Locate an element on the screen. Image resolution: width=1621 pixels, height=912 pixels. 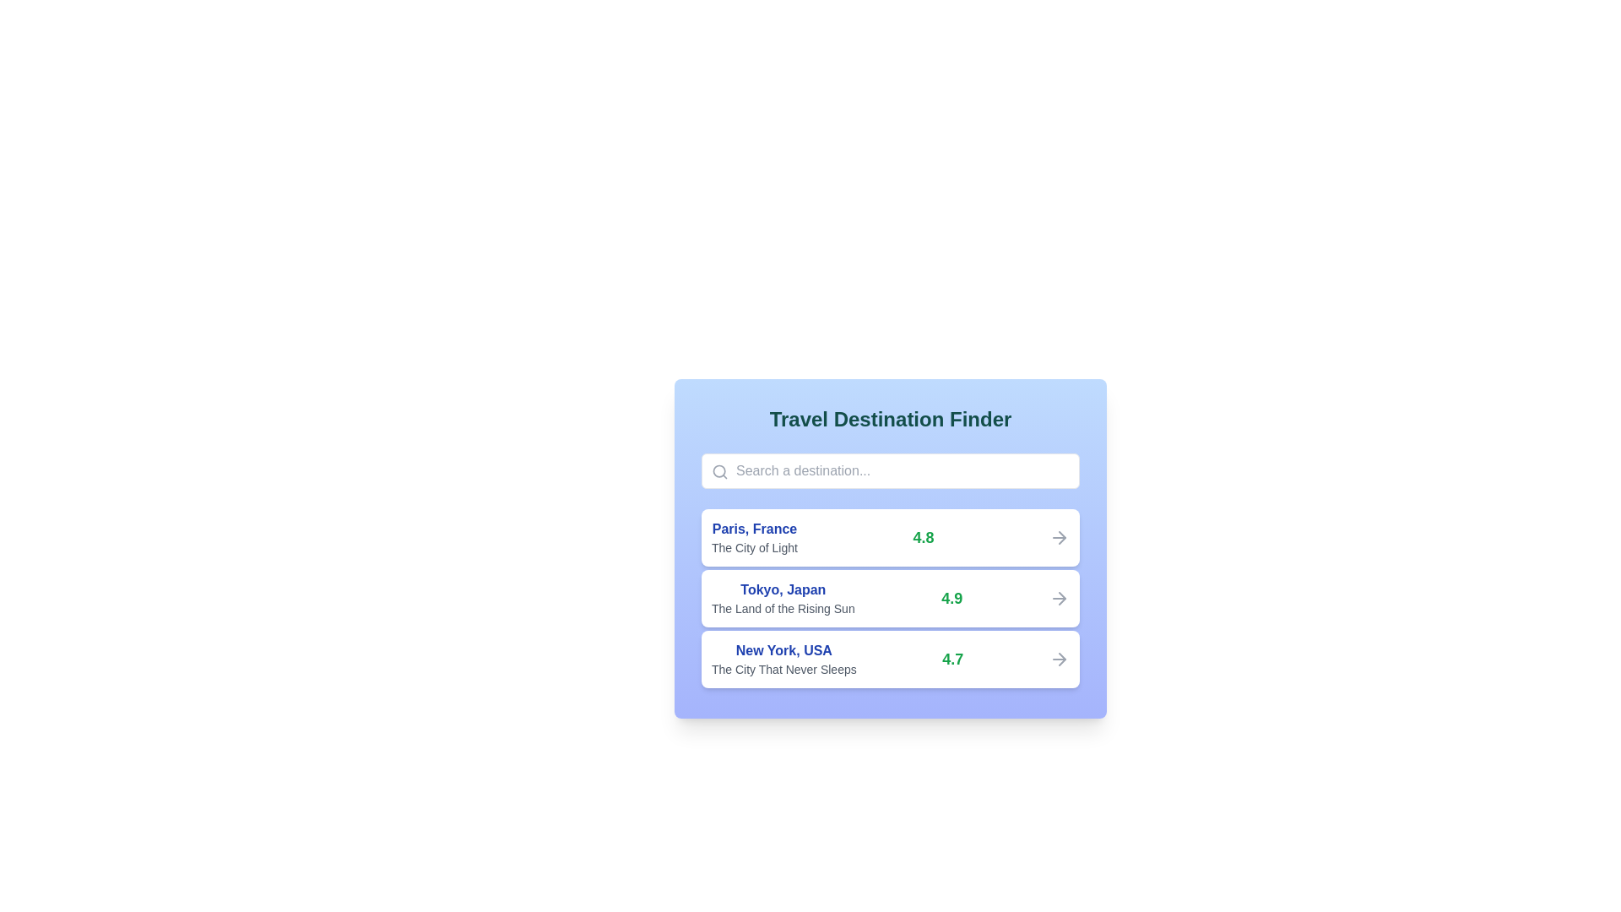
the static text label that states 'The Land of the Rising Sun', which is styled with a smaller-size, light gray font and located below the larger bold blue text 'Tokyo, Japan' is located at coordinates (782, 609).